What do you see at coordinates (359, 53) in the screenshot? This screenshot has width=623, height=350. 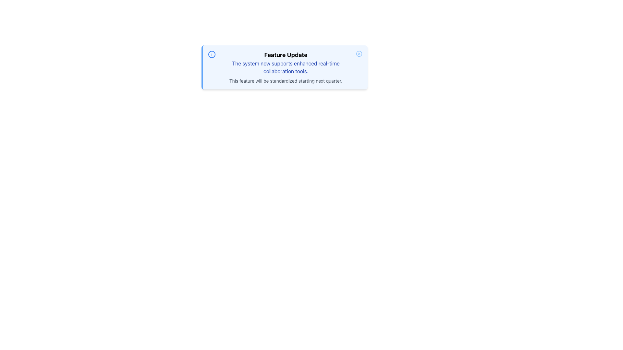 I see `the small circular button with a light blue outline in the top-right corner of the feature update card` at bounding box center [359, 53].